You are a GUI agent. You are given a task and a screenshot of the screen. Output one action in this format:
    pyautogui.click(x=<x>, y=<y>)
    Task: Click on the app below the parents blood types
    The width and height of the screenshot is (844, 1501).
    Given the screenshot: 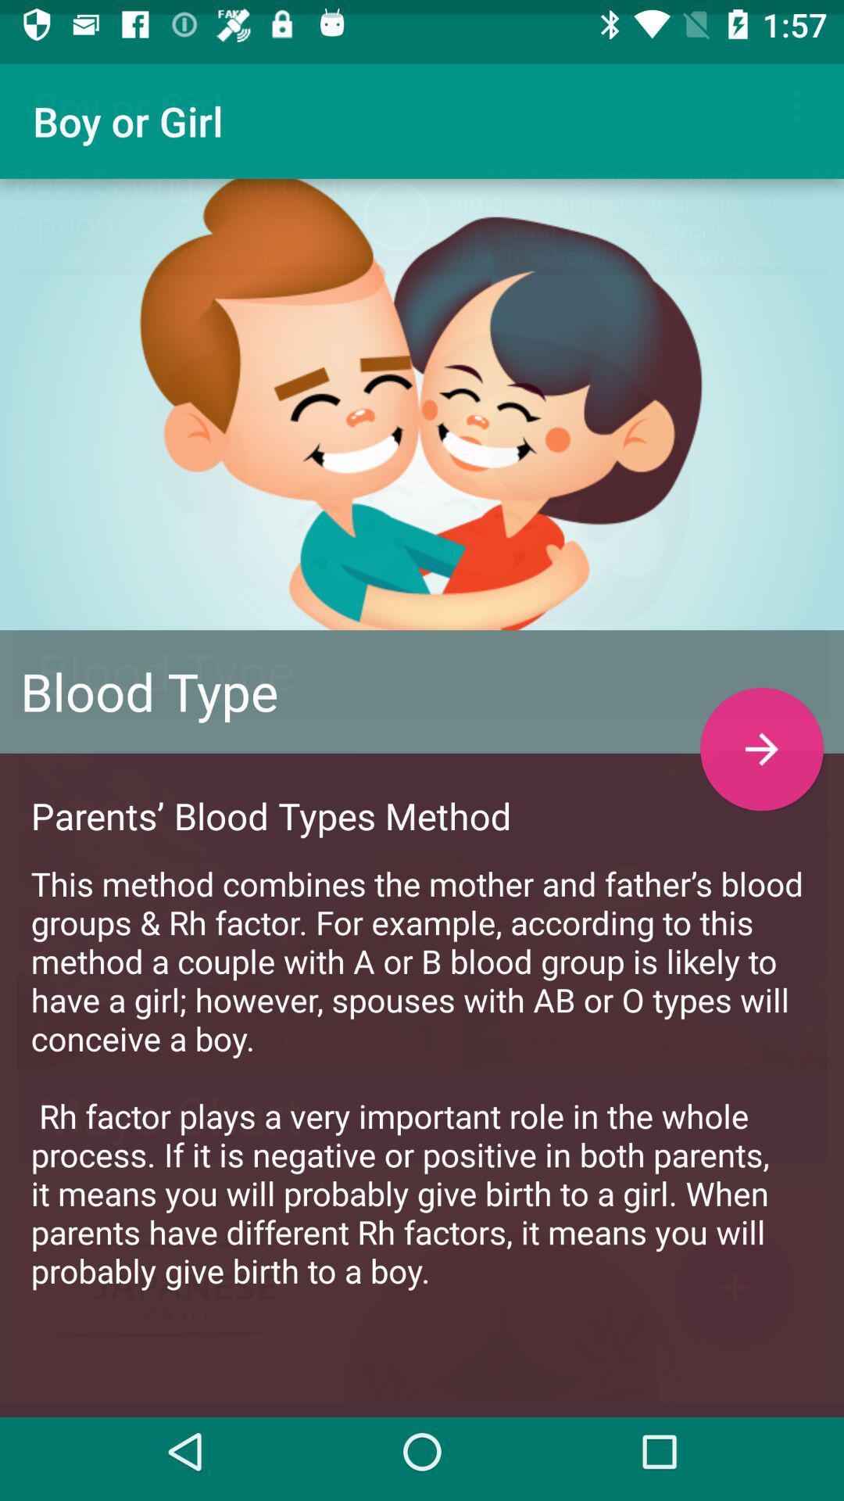 What is the action you would take?
    pyautogui.click(x=422, y=1062)
    